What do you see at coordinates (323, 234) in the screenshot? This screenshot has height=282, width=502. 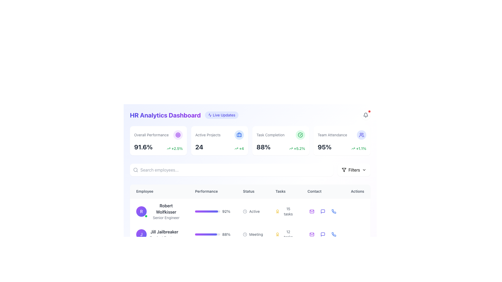 I see `the blue speech bubble icon button in the 'Contact' column of the second row corresponding to Jill Jailbreaker to initiate a chat` at bounding box center [323, 234].